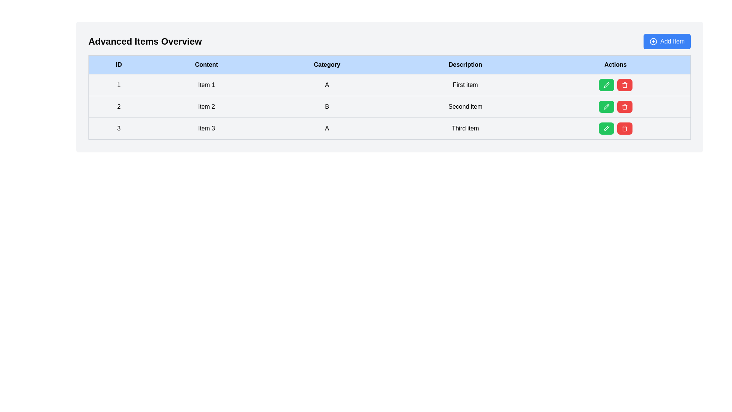 Image resolution: width=732 pixels, height=412 pixels. I want to click on the text label containing 'Second item' in the 'Description' column of the second row in the 'Advanced Items Overview' table, which is styled with padding and a bottom border, so click(465, 107).